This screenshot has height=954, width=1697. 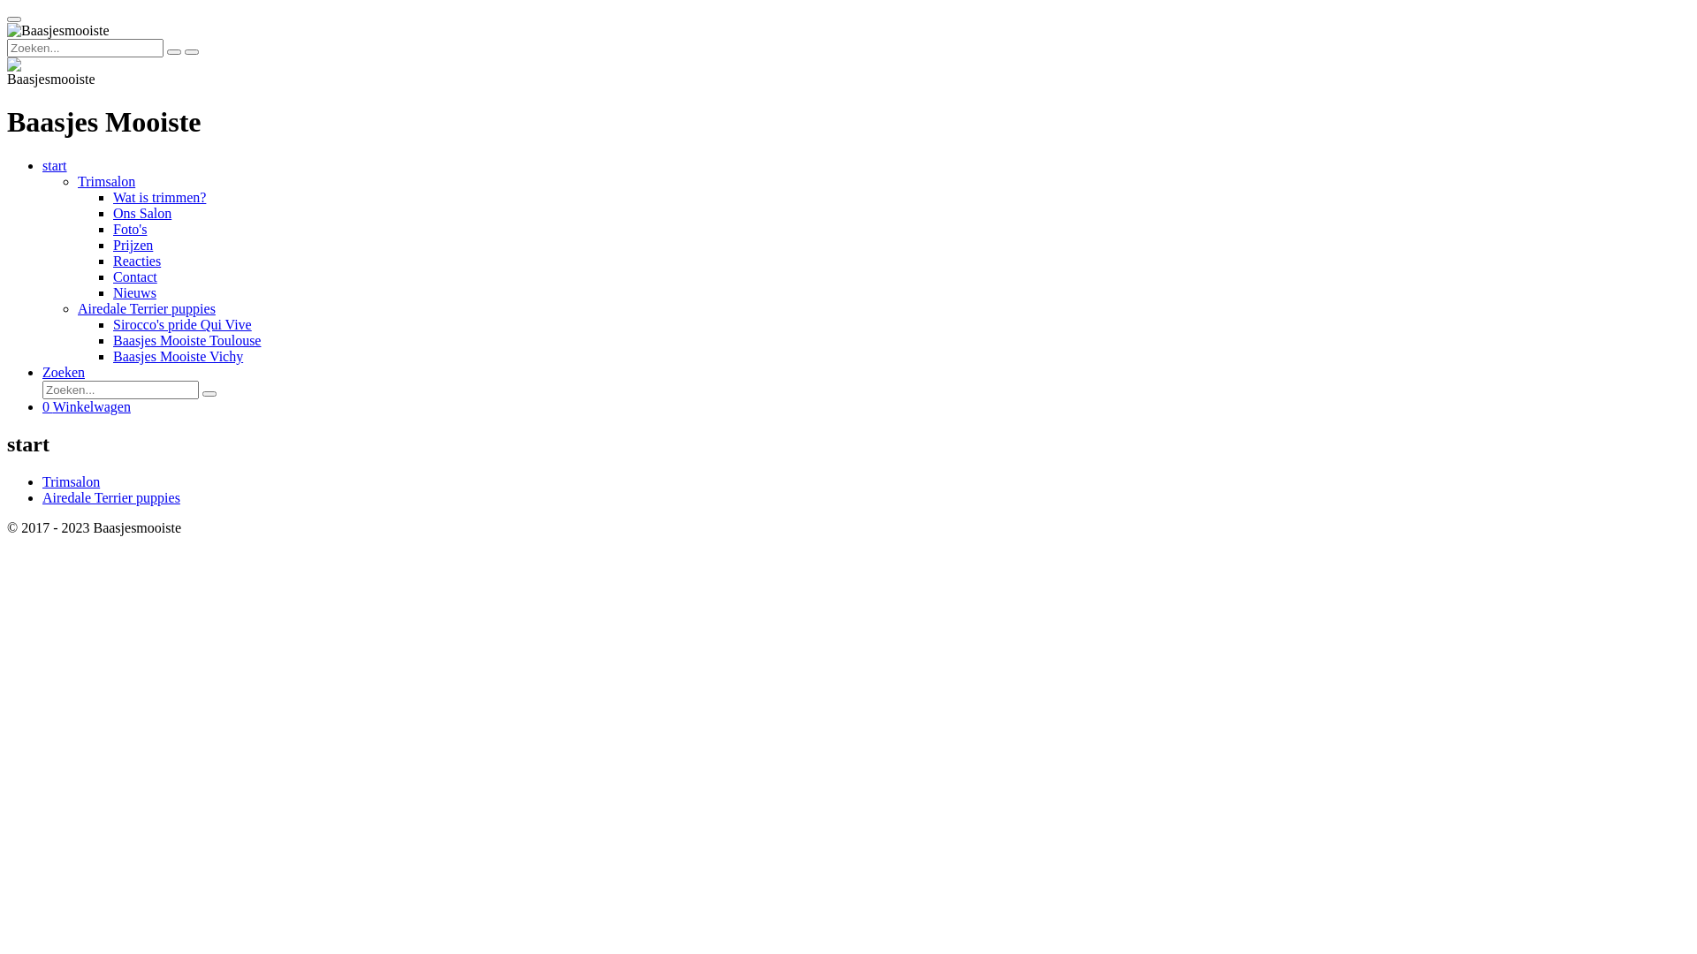 I want to click on '0 Winkelwagen', so click(x=85, y=406).